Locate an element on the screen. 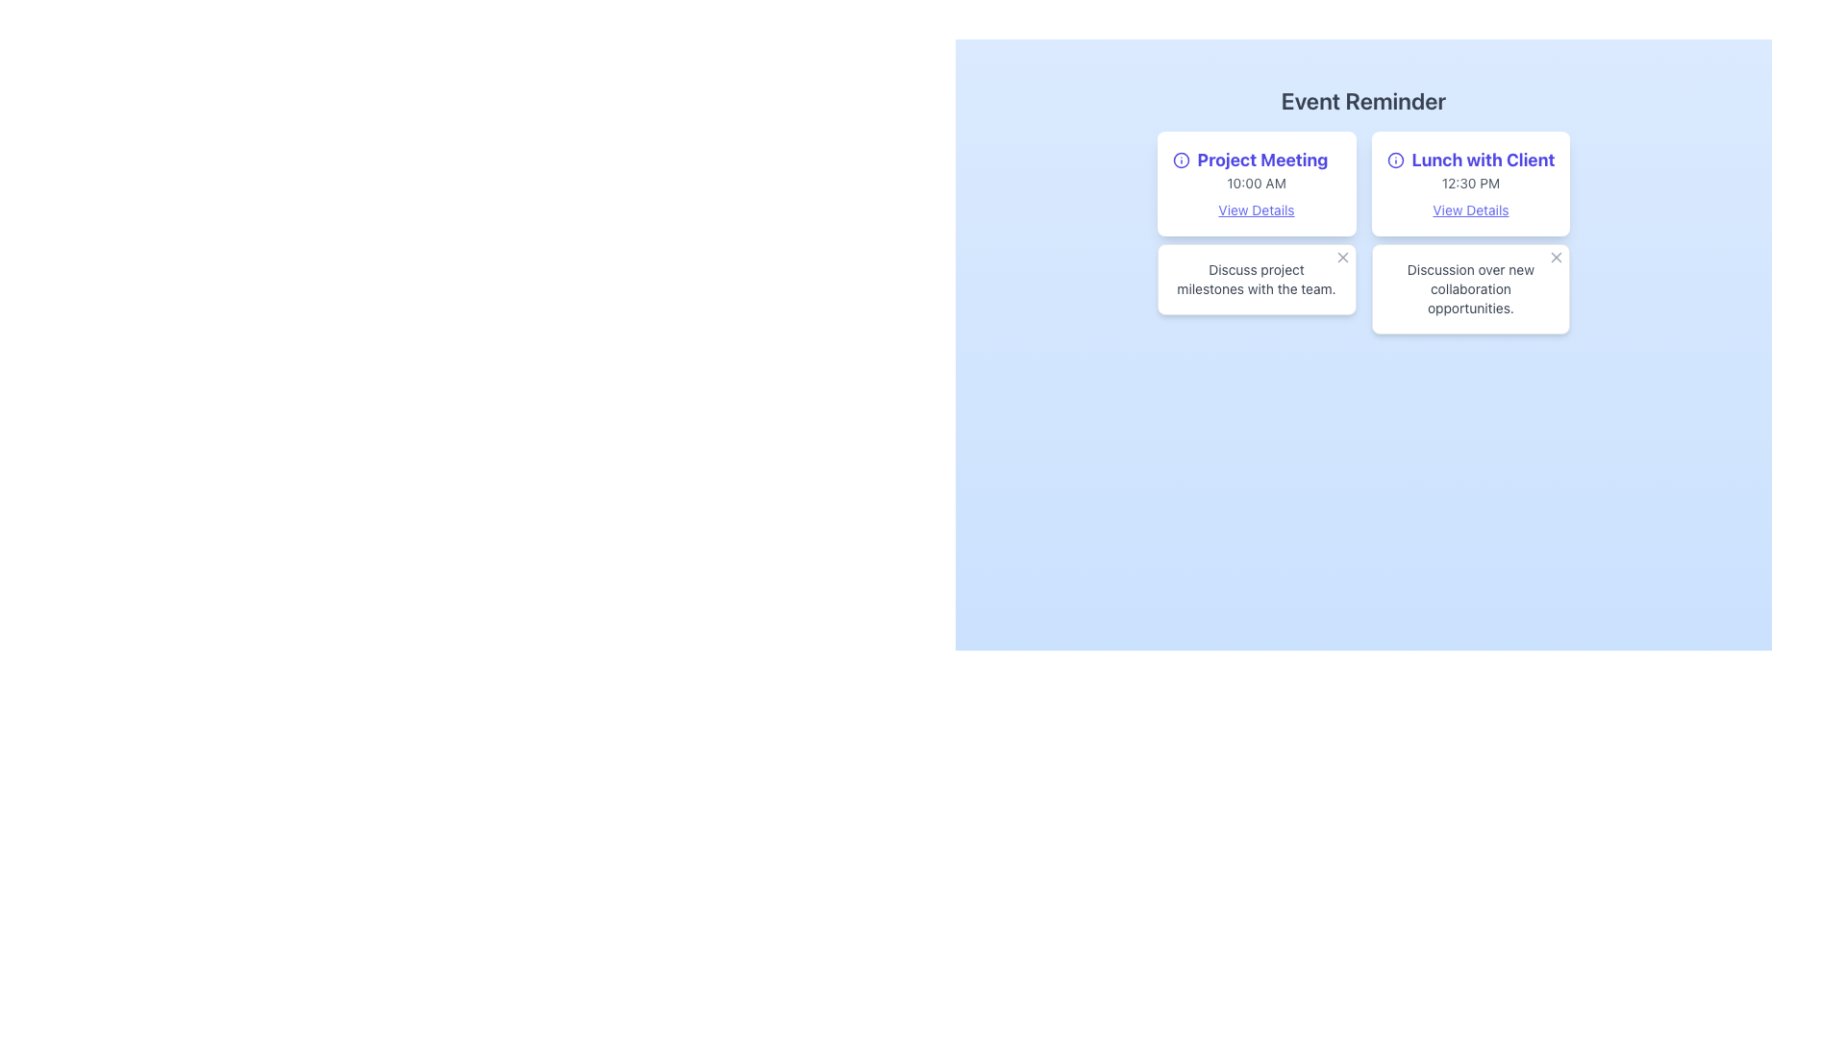 The image size is (1846, 1038). the Static Text element displaying '10:00 AM', which is located beneath the 'Project Meeting' title and above the 'View Details' link in the first event box is located at coordinates (1256, 184).